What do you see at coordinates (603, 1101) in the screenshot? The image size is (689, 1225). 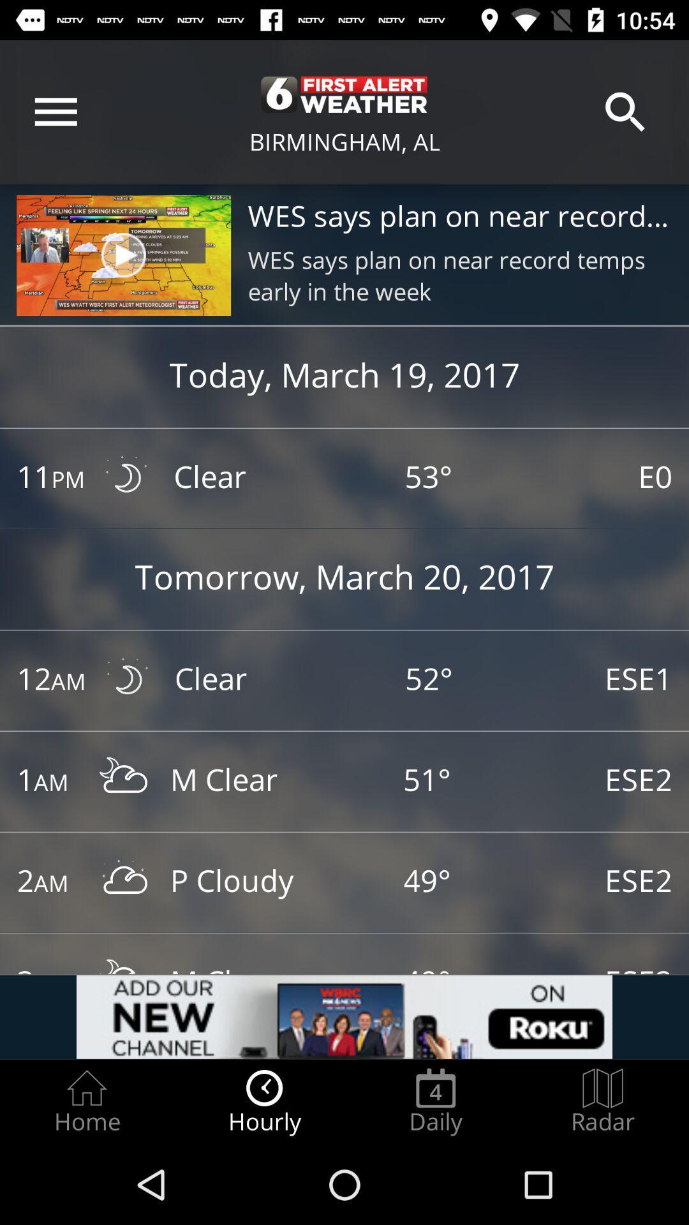 I see `radar item` at bounding box center [603, 1101].